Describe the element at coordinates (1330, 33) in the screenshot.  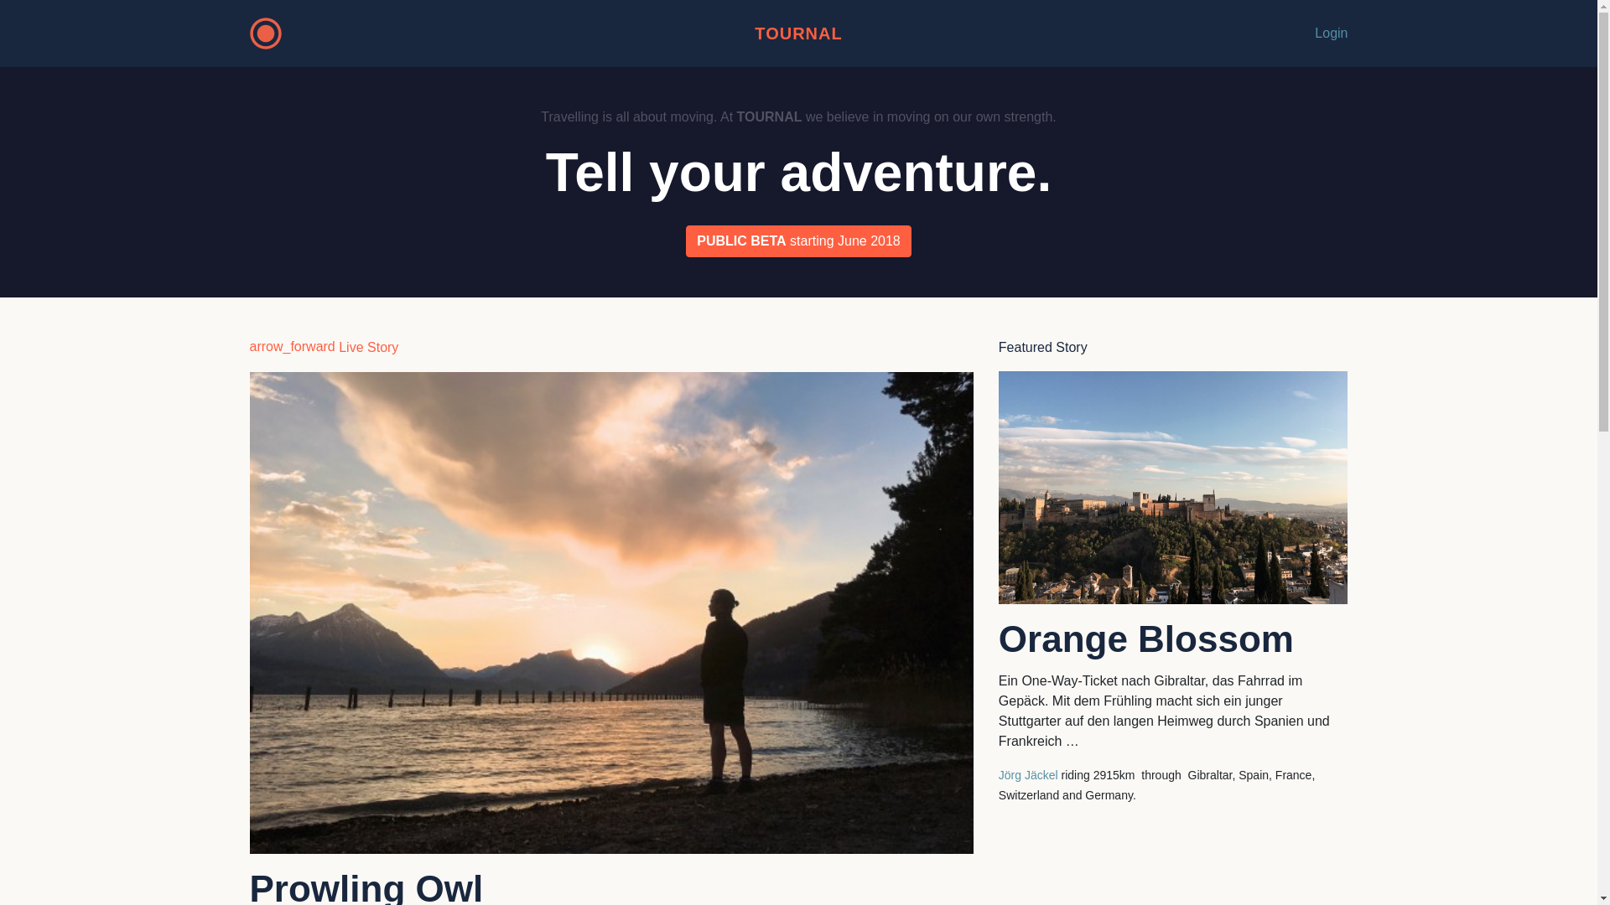
I see `'Login'` at that location.